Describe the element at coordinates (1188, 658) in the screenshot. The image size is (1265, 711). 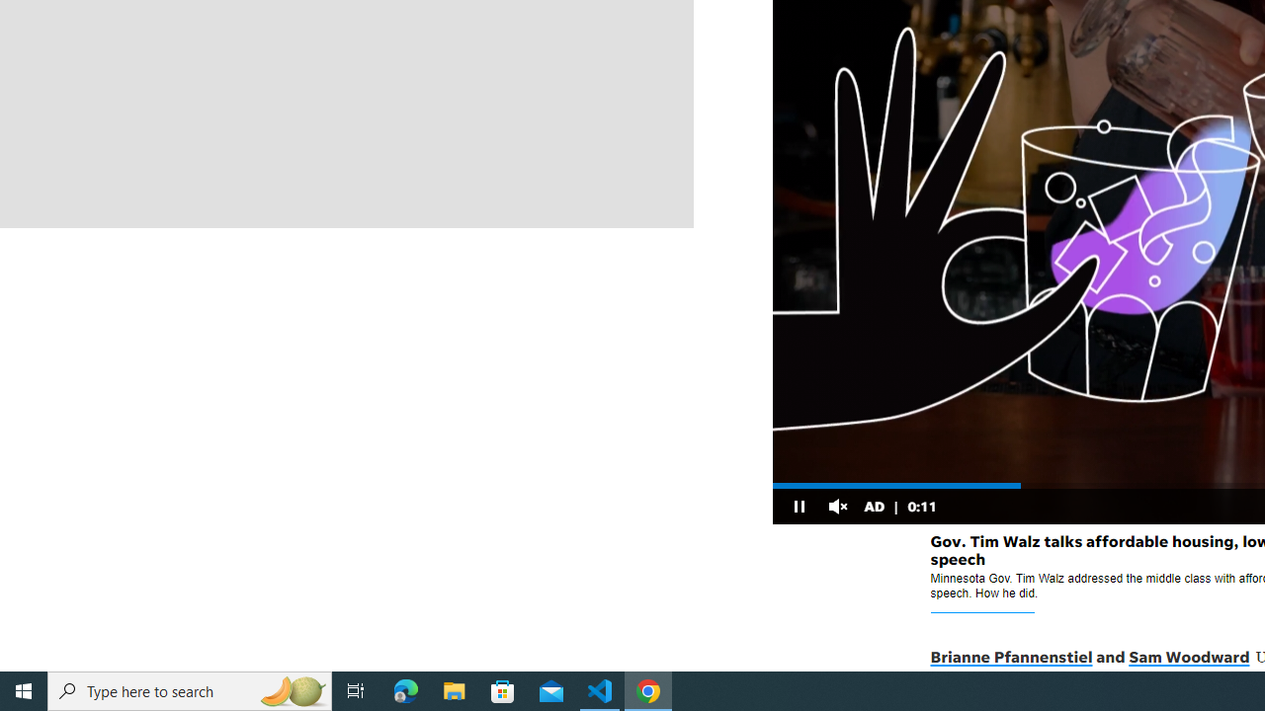
I see `'Sam Woodward'` at that location.